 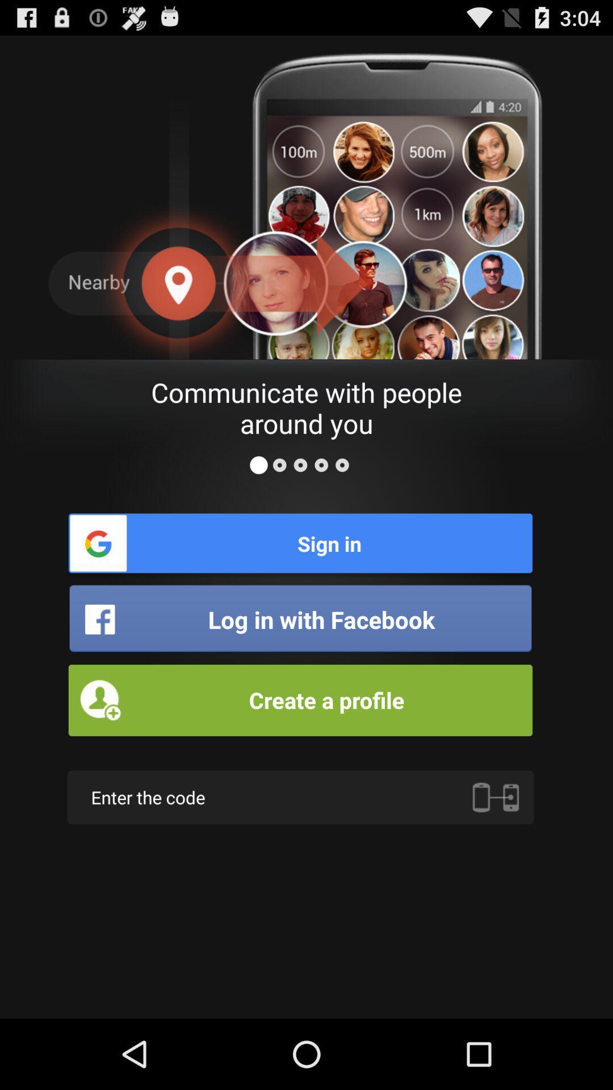 What do you see at coordinates (300, 699) in the screenshot?
I see `create a profile button` at bounding box center [300, 699].